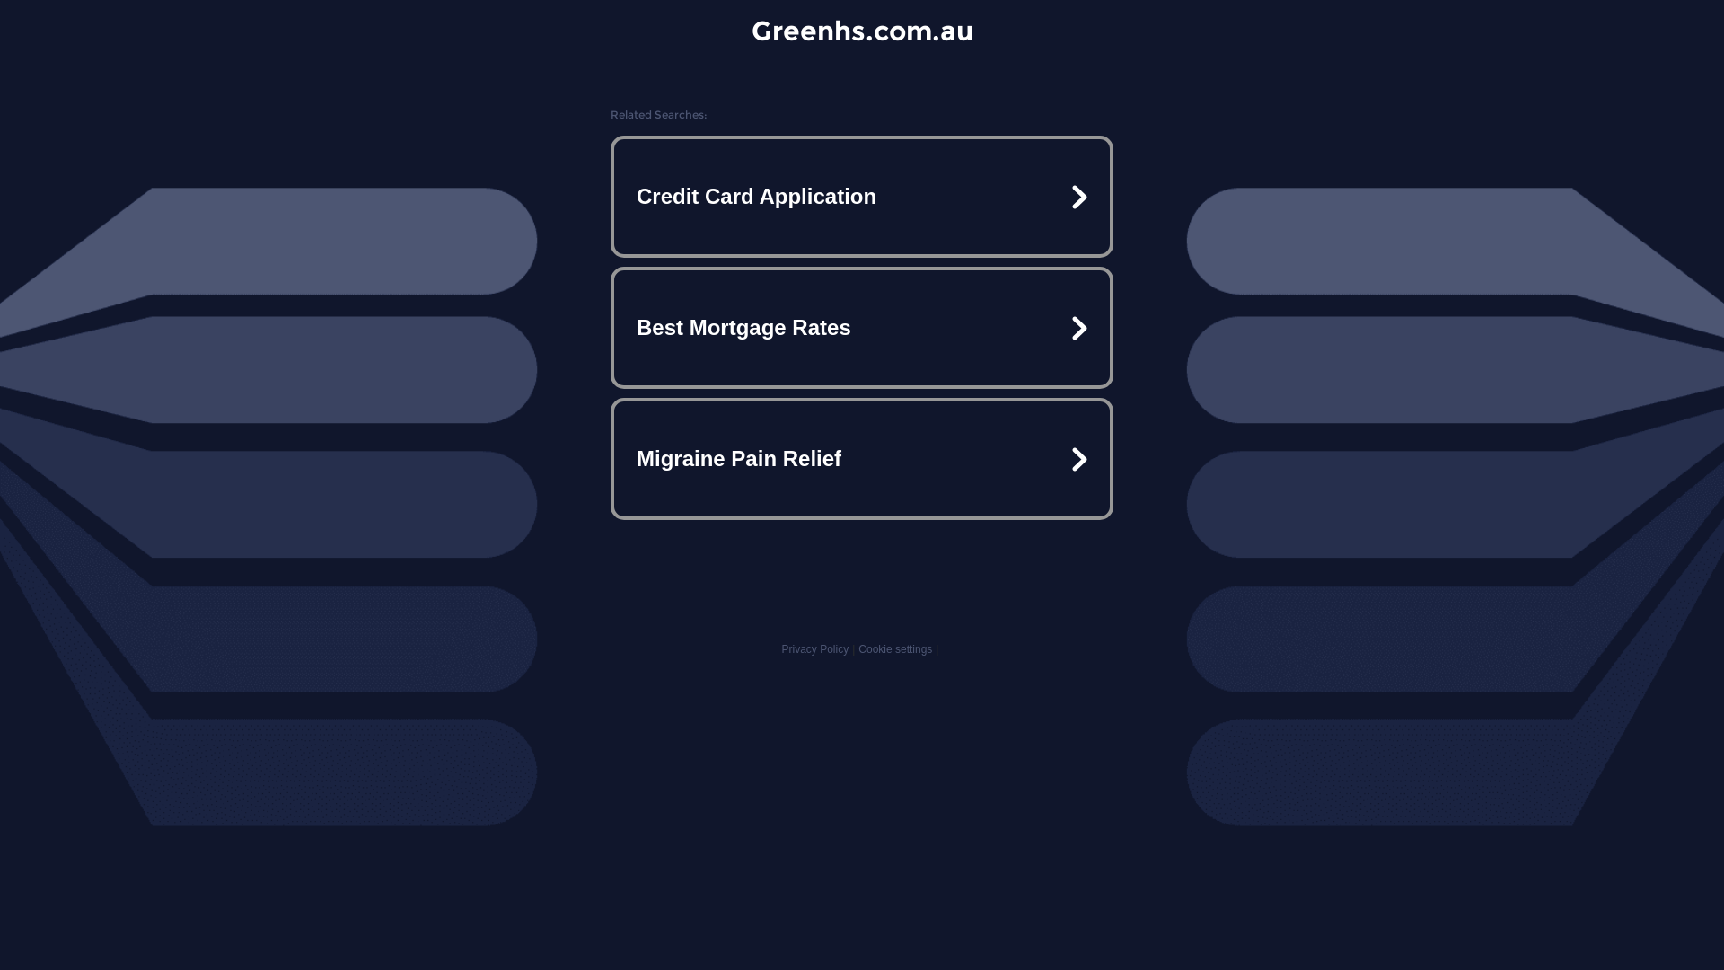 The image size is (1724, 970). Describe the element at coordinates (780, 648) in the screenshot. I see `'Privacy Policy'` at that location.